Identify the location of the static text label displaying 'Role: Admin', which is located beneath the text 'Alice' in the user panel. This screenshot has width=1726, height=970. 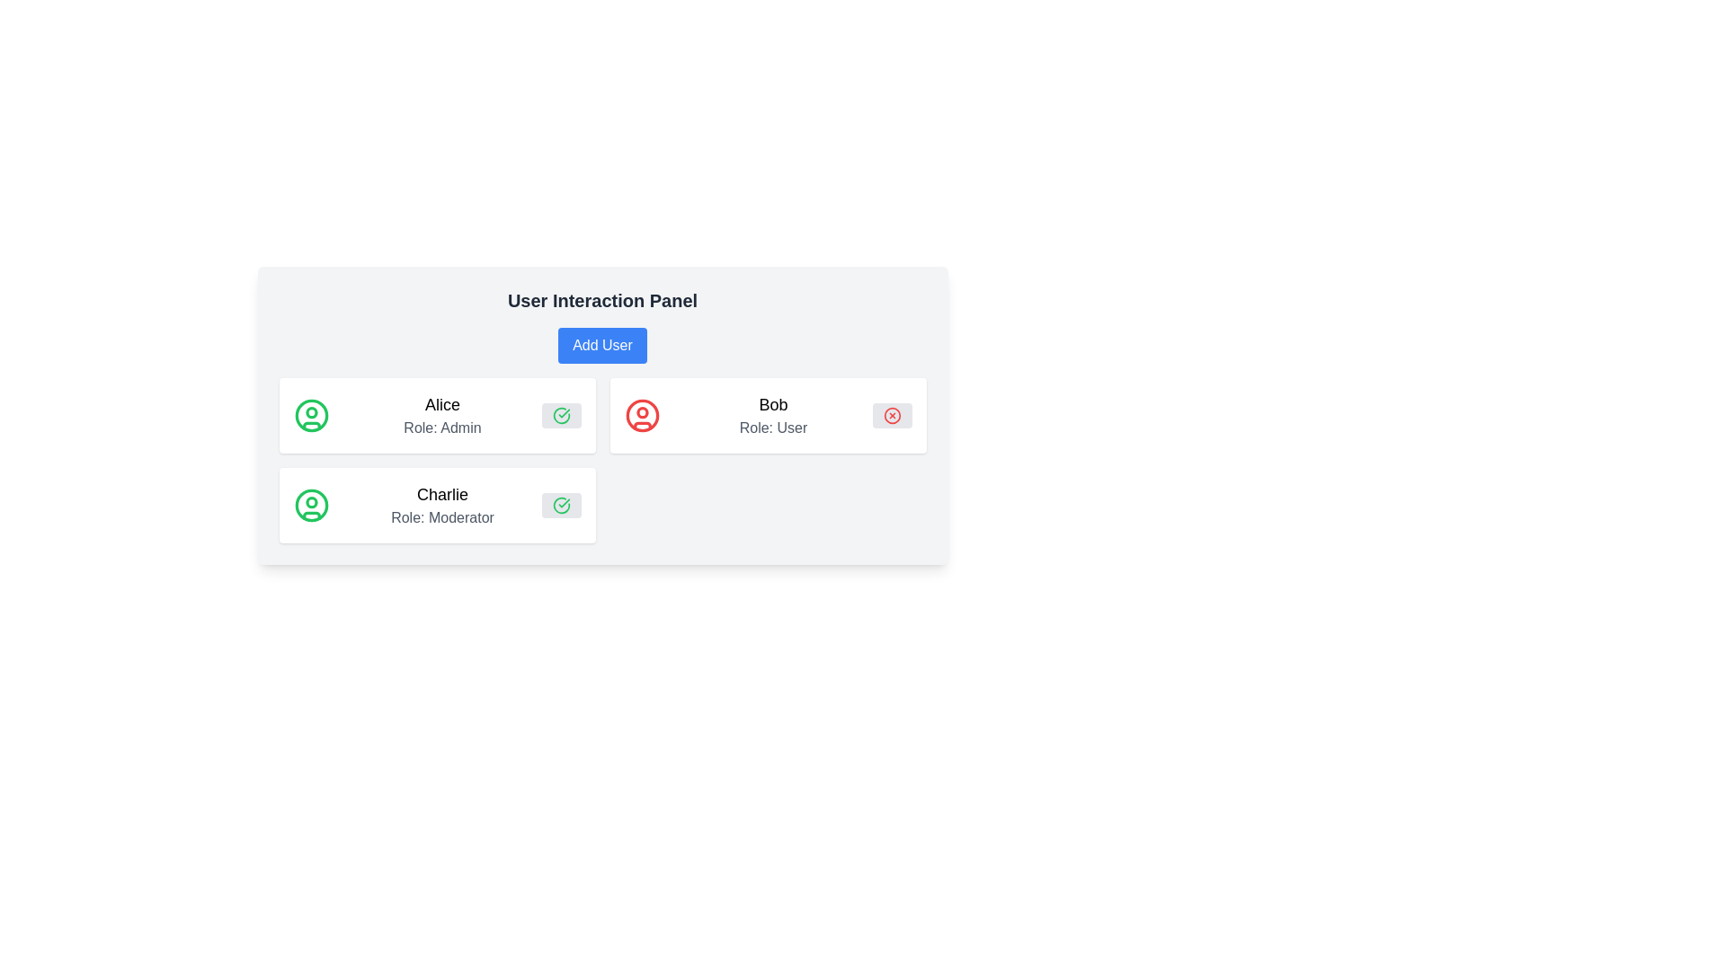
(442, 428).